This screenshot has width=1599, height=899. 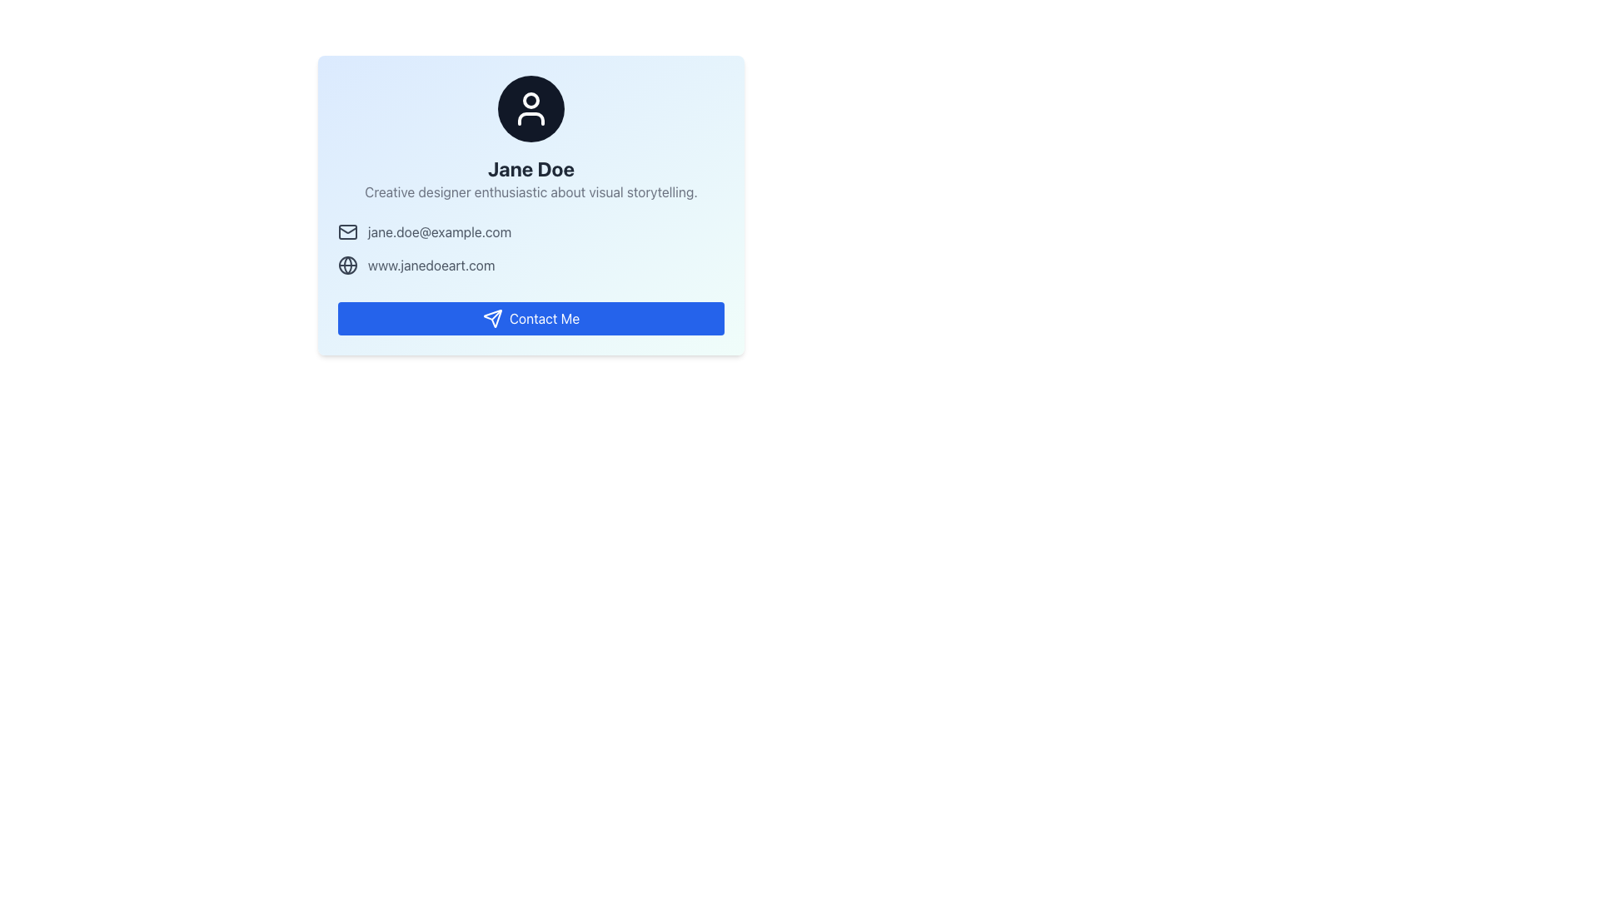 I want to click on the Profile Information Component located in the center-top section of the card, so click(x=531, y=137).